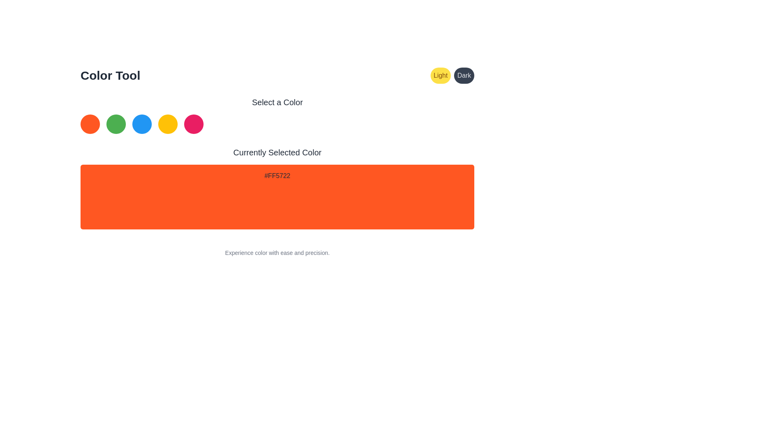 This screenshot has height=437, width=777. Describe the element at coordinates (452, 75) in the screenshot. I see `the 'Light' button on the toggle switch located in the top-right corner of the 'Color Tool' section` at that location.